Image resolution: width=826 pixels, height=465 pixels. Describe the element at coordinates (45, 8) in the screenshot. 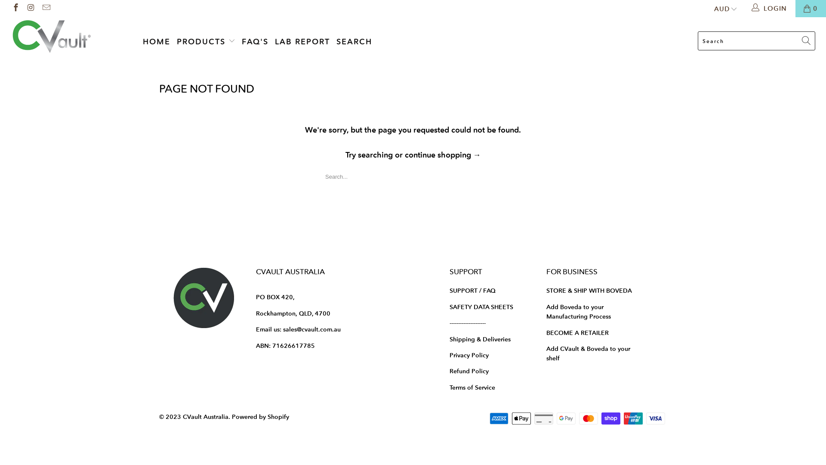

I see `'Email CVault Australia'` at that location.